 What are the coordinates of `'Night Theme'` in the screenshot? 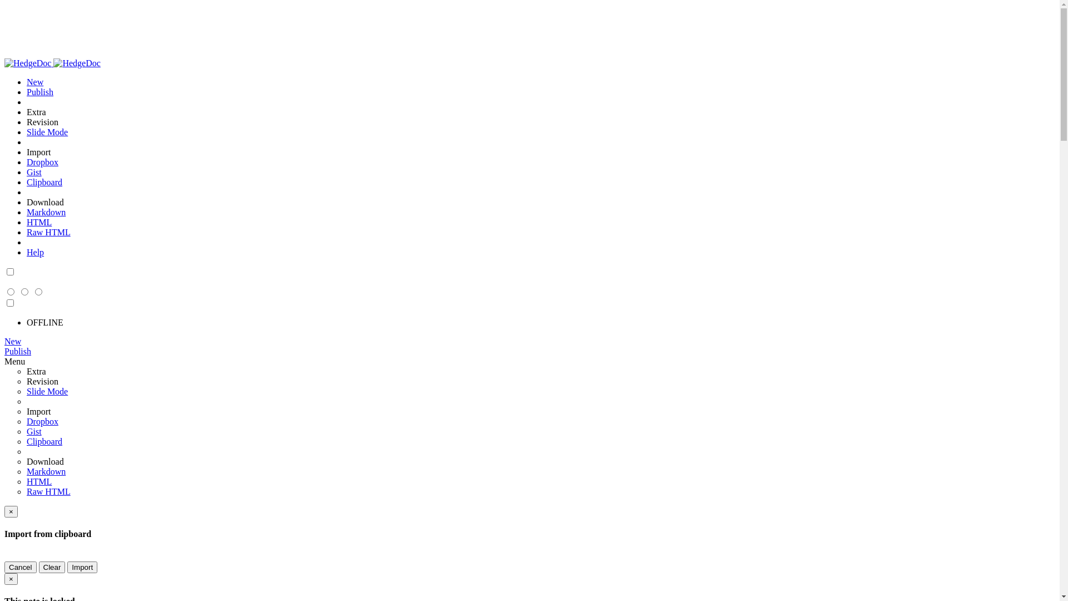 It's located at (10, 272).